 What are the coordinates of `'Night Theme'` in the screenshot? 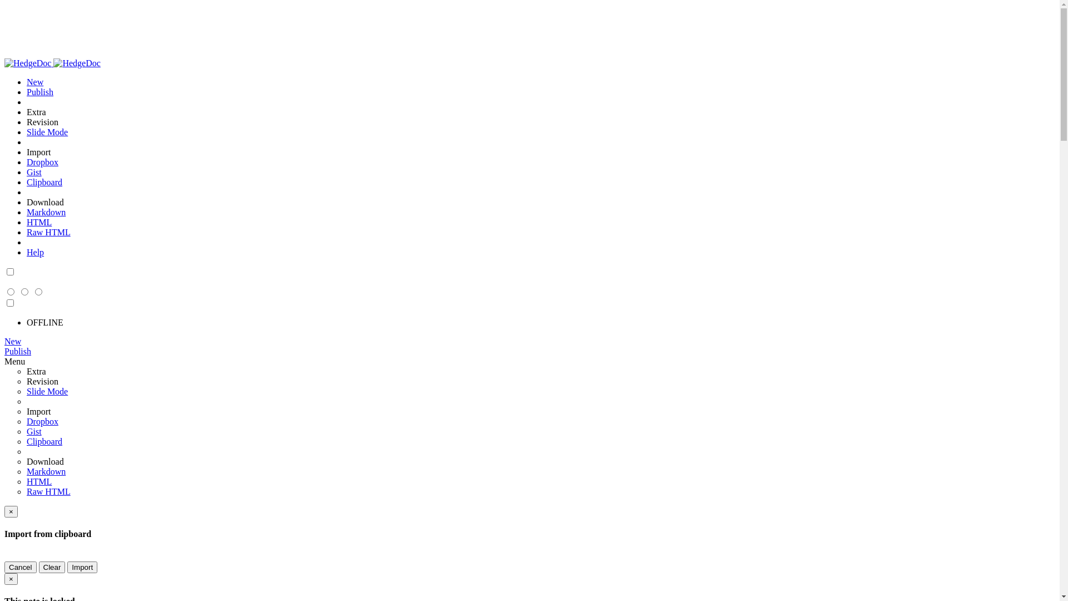 It's located at (10, 272).